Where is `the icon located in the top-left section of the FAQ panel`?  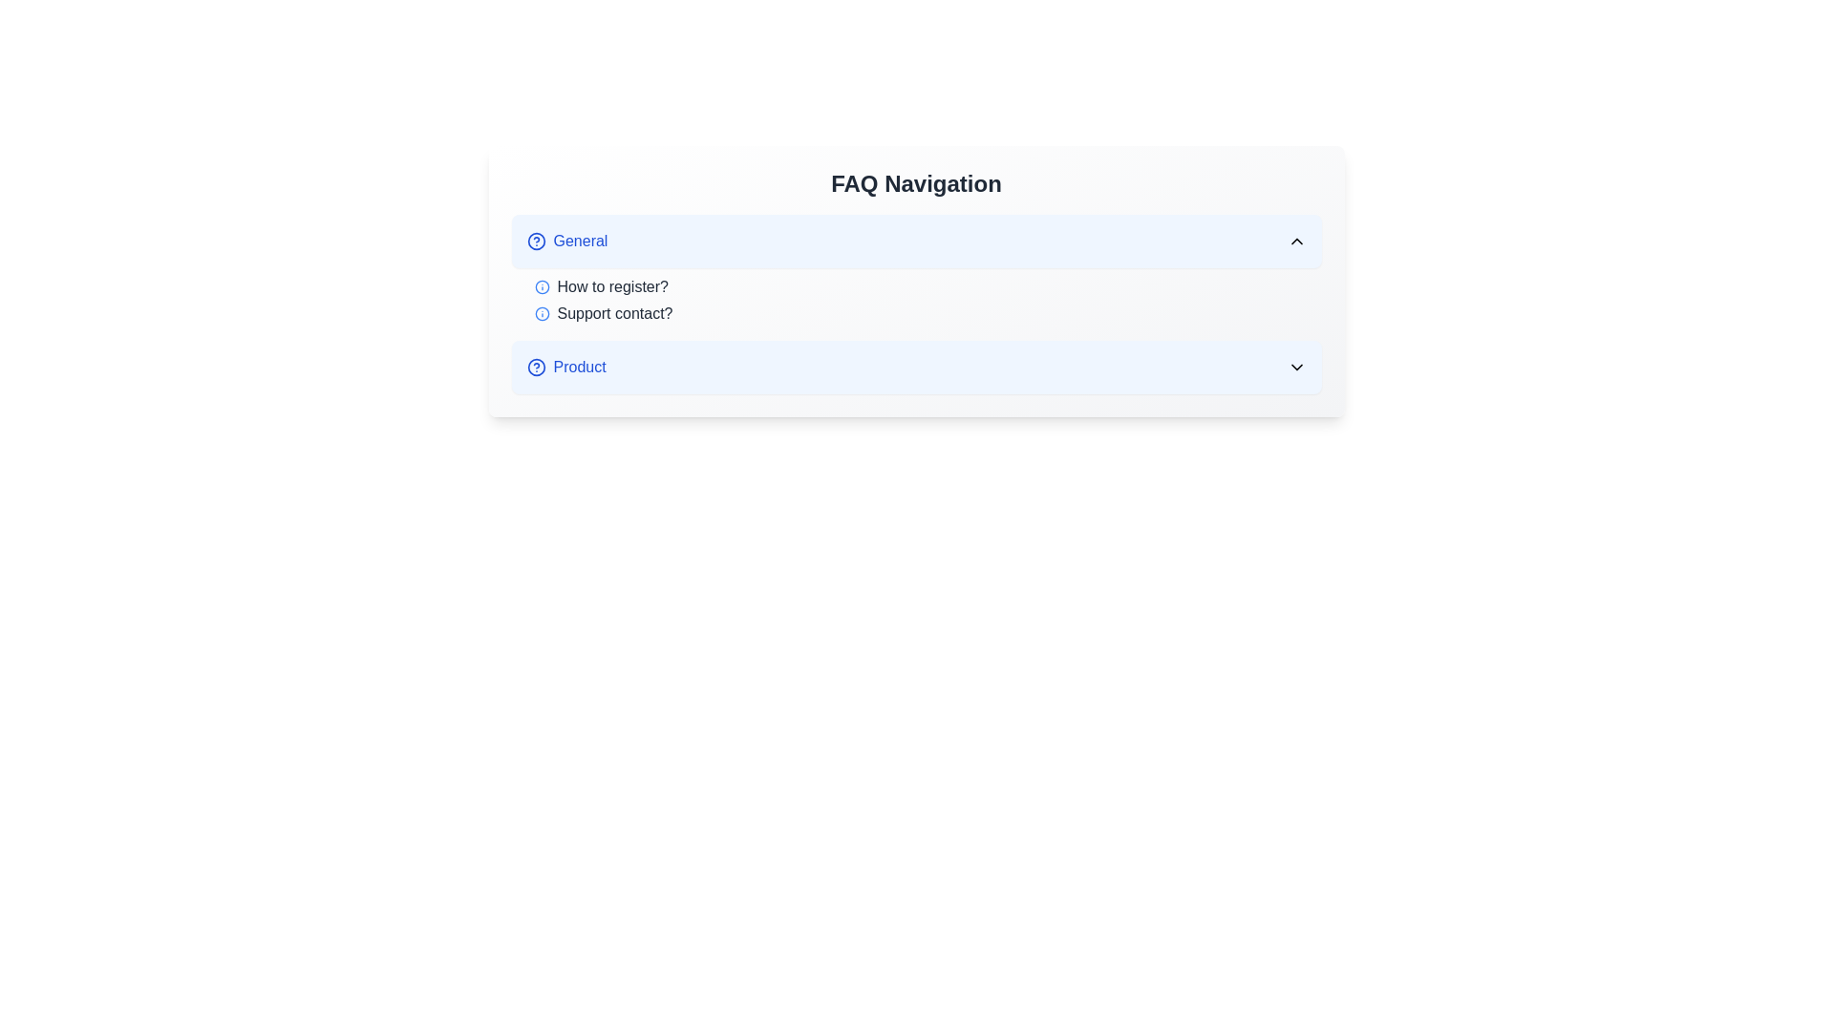 the icon located in the top-left section of the FAQ panel is located at coordinates (535, 241).